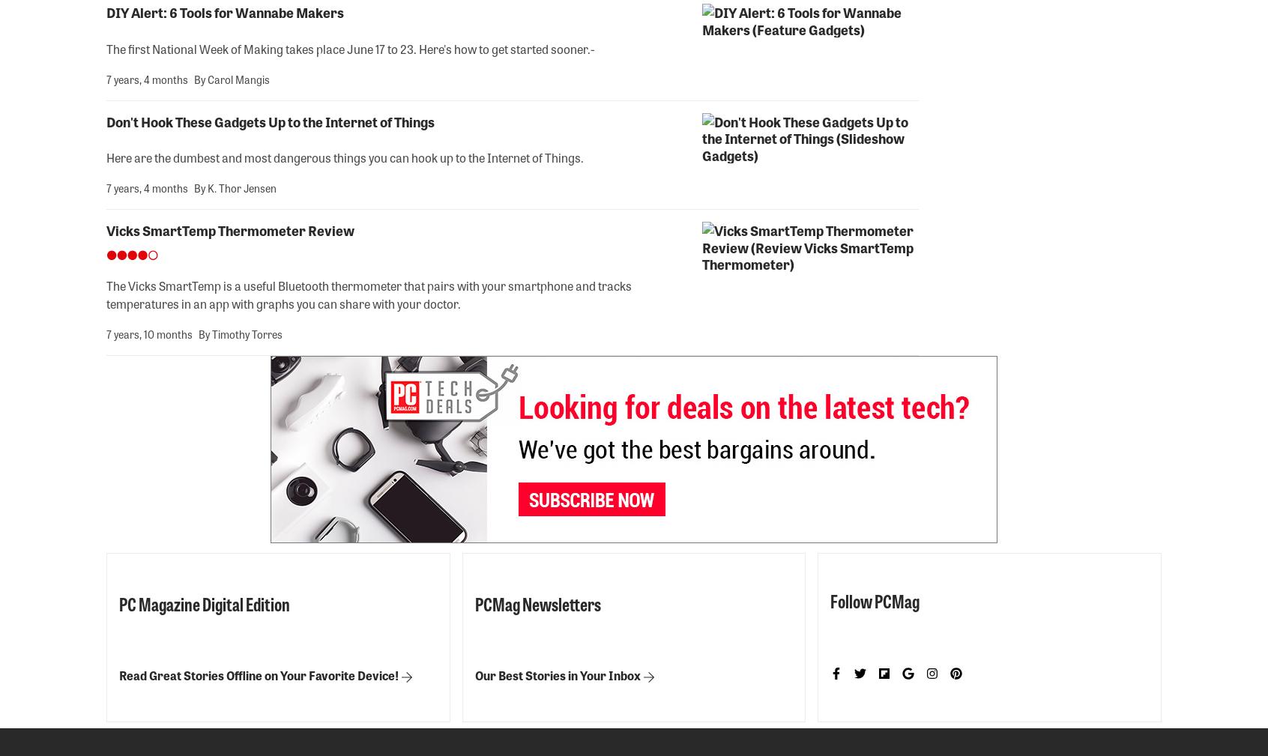 The image size is (1268, 756). What do you see at coordinates (344, 157) in the screenshot?
I see `'Here are the dumbest and most dangerous things you can hook up to the Internet of Things.'` at bounding box center [344, 157].